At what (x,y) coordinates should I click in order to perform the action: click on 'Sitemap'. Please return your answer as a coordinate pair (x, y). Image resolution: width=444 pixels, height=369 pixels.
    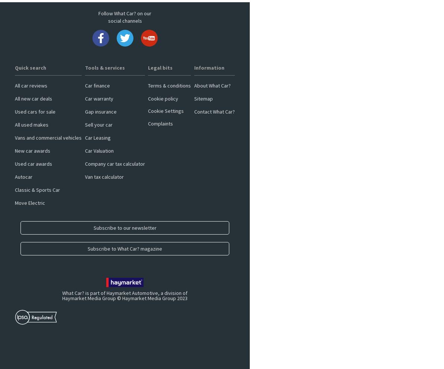
    Looking at the image, I should click on (203, 98).